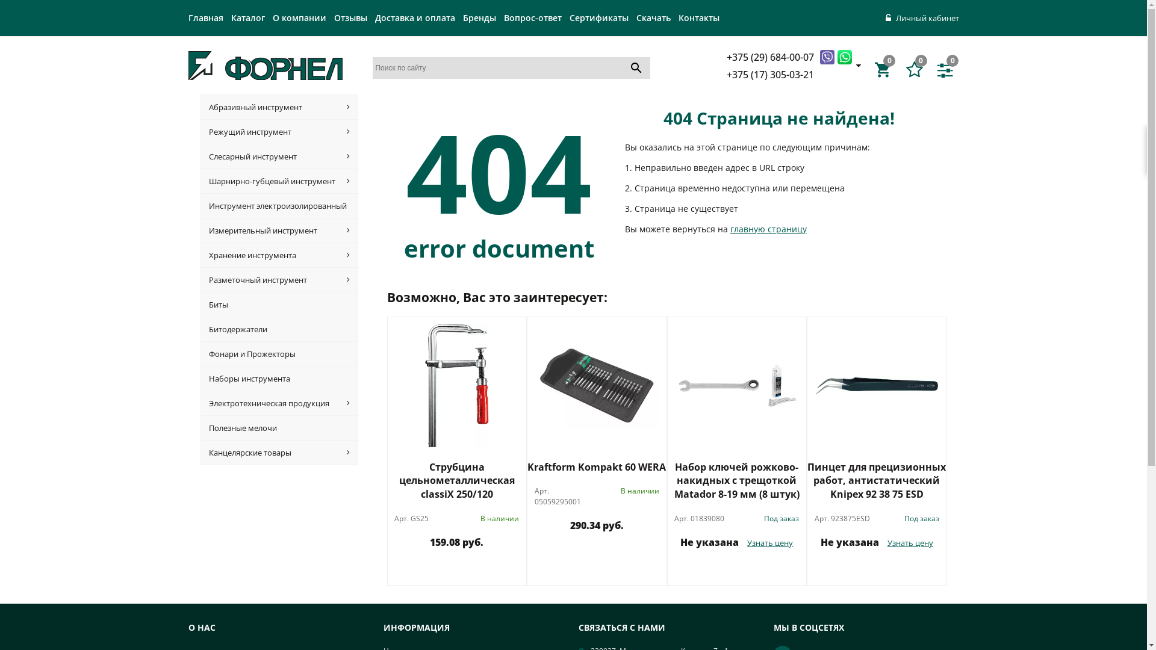 This screenshot has width=1156, height=650. Describe the element at coordinates (597, 466) in the screenshot. I see `'Kraftform Kompakt 60 WERA'` at that location.